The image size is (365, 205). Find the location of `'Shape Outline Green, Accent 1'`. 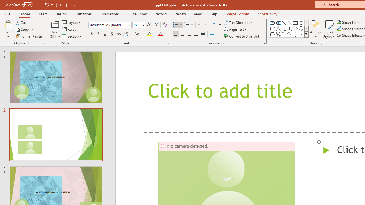

'Shape Outline Green, Accent 1' is located at coordinates (339, 29).